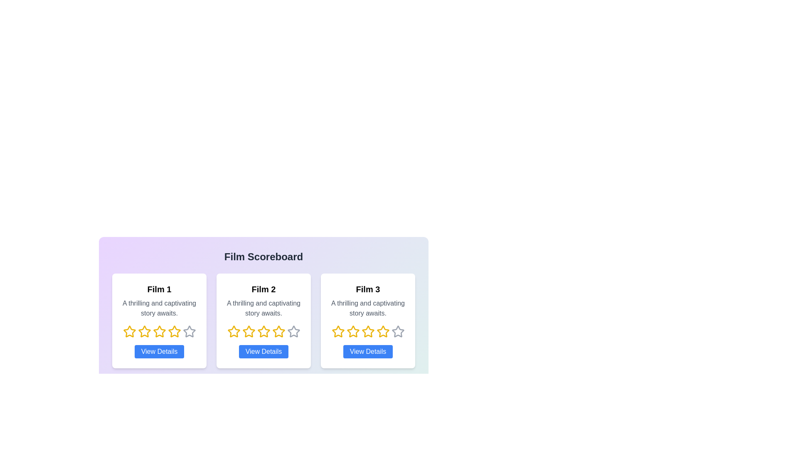  Describe the element at coordinates (263, 256) in the screenshot. I see `the header labeled 'Film Scoreboard'` at that location.